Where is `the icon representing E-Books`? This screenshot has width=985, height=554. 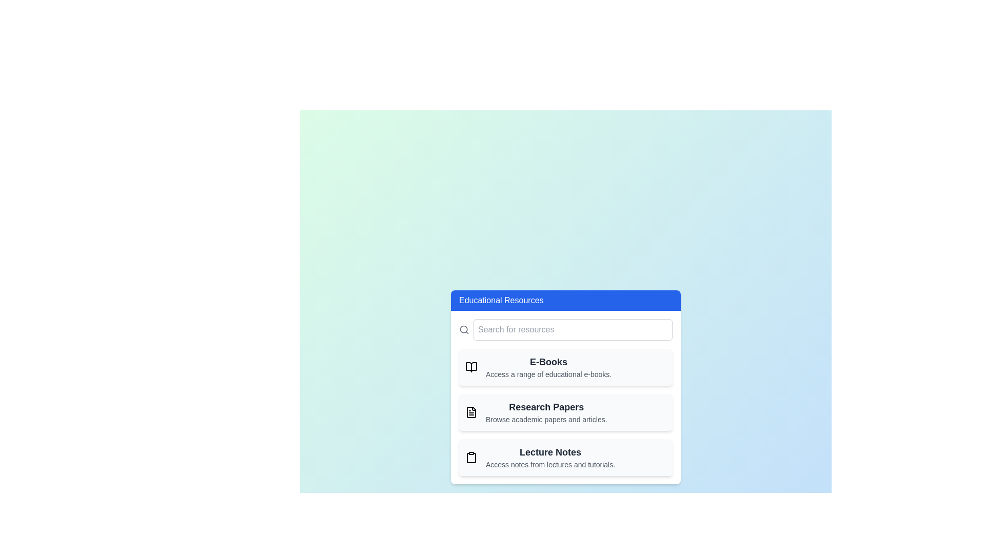
the icon representing E-Books is located at coordinates (470, 367).